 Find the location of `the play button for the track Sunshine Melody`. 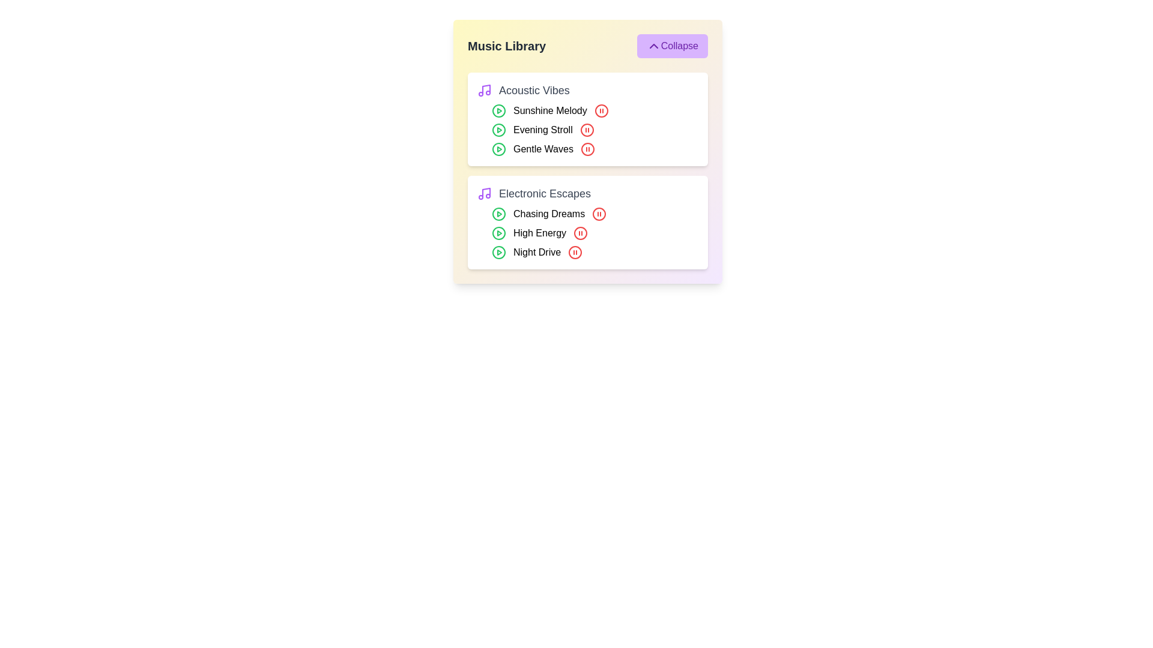

the play button for the track Sunshine Melody is located at coordinates (498, 111).